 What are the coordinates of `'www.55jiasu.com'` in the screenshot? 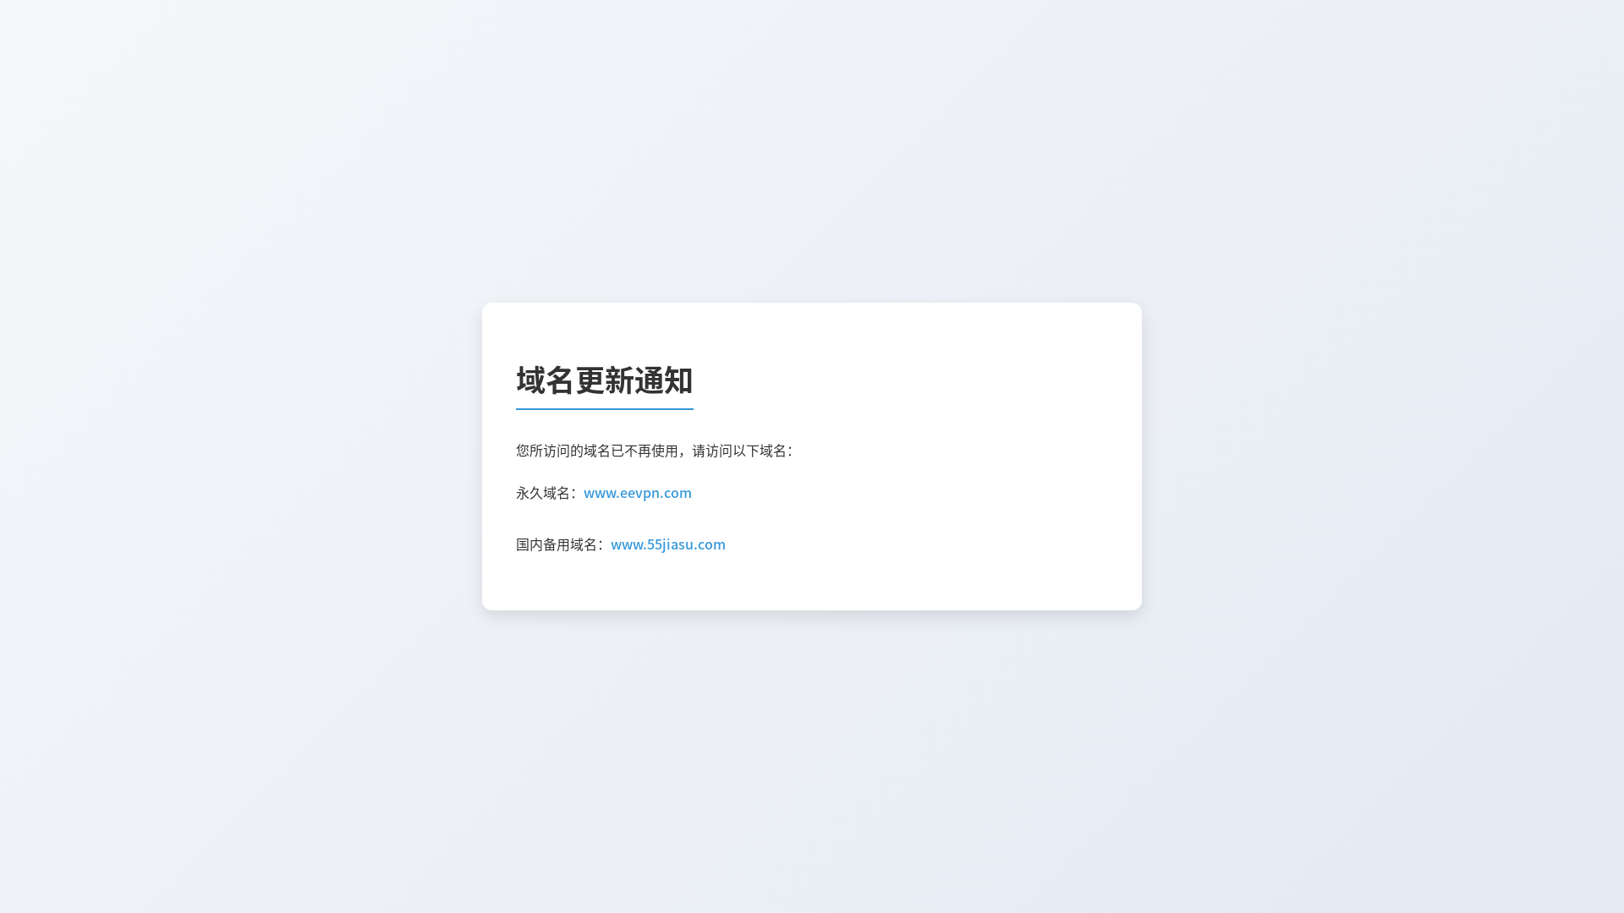 It's located at (609, 544).